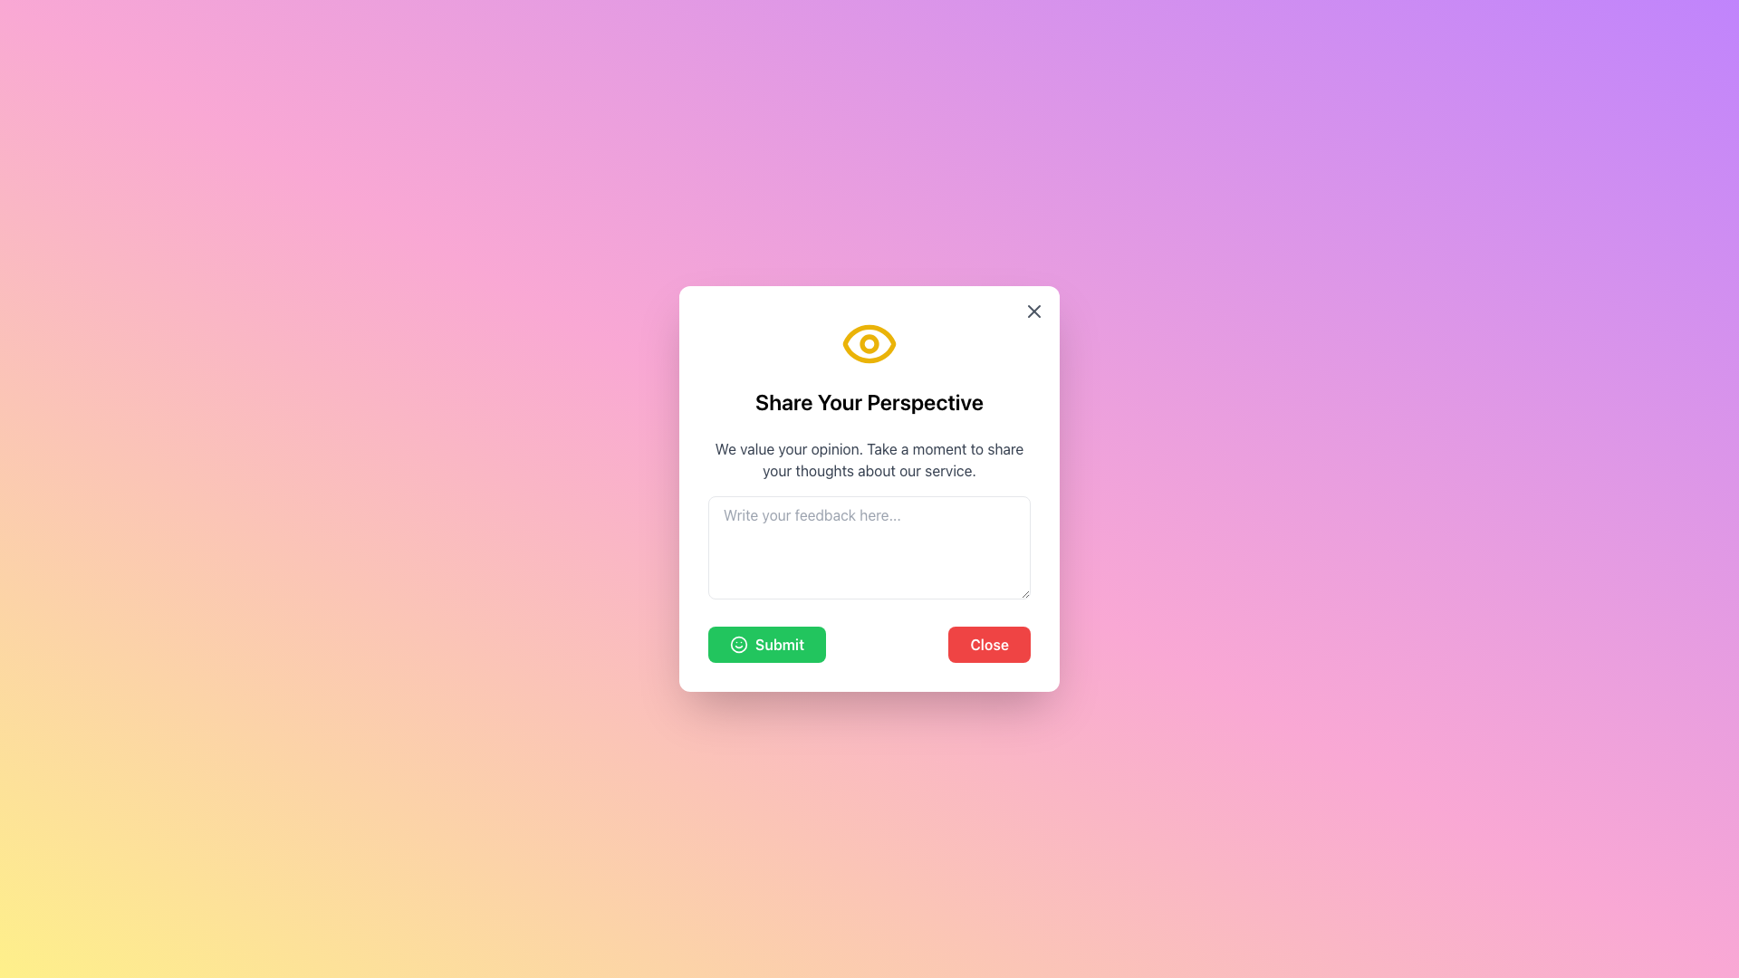 Image resolution: width=1739 pixels, height=978 pixels. I want to click on the decorative or communicative icon located at the top center of the popup modal, which represents an action or theme such as viewing or feedback, so click(869, 342).